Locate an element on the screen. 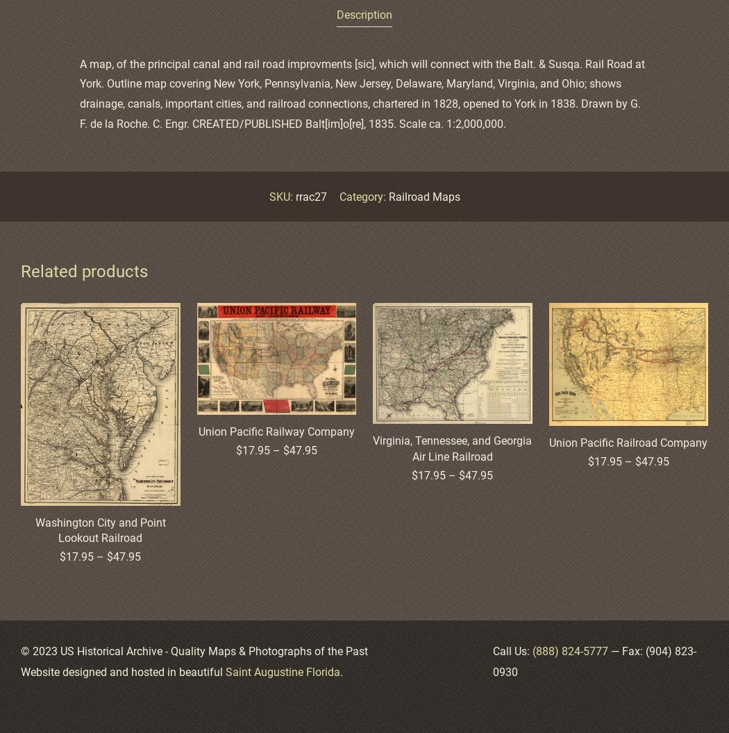 Image resolution: width=729 pixels, height=733 pixels. '— Fax: (904) 823-0930' is located at coordinates (594, 661).